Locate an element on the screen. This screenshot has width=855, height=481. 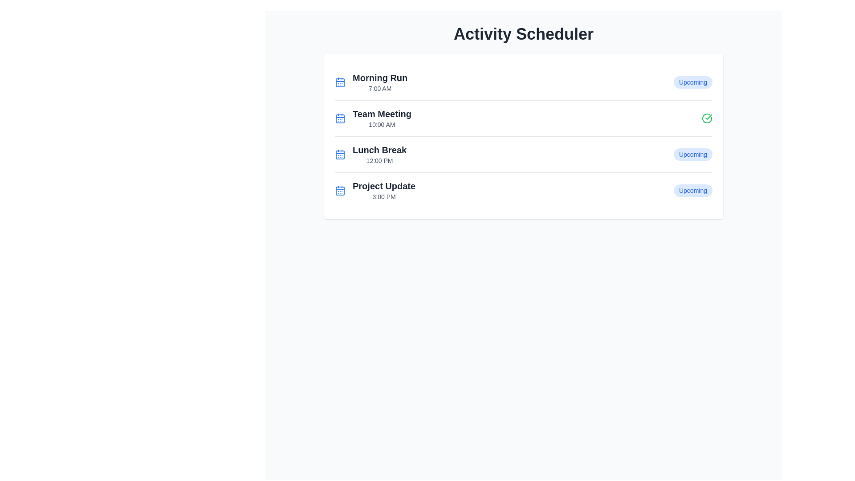
the status label indicating the upcoming activity 'Project Update', which is located at the far right of the 'Project Update' row, aligned horizontally with the text '3:00 PM' is located at coordinates (692, 190).